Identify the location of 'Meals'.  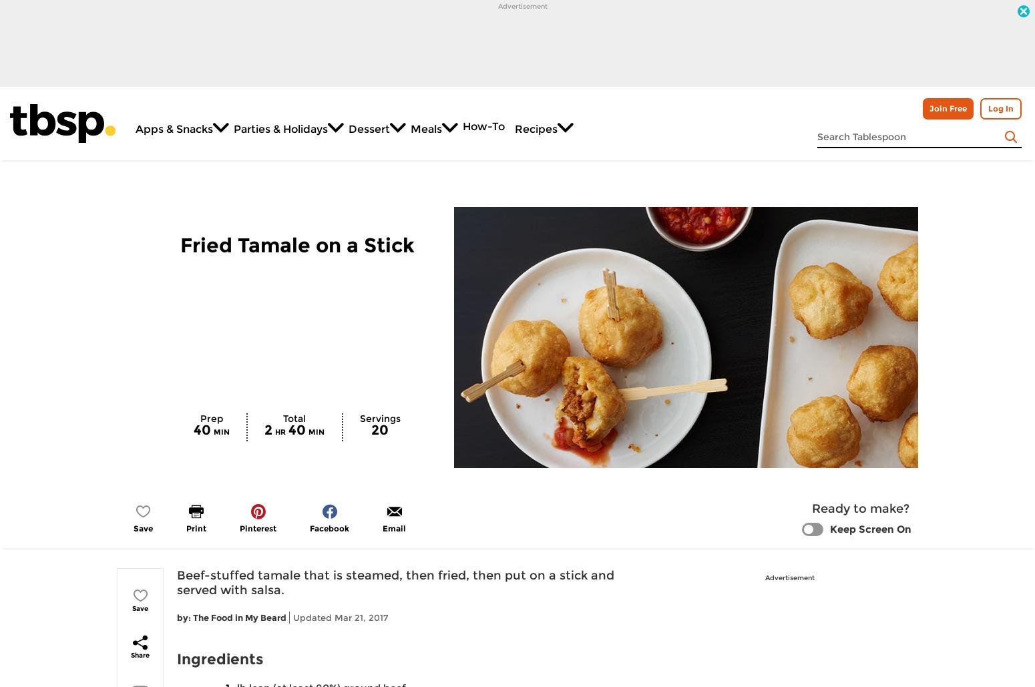
(431, 123).